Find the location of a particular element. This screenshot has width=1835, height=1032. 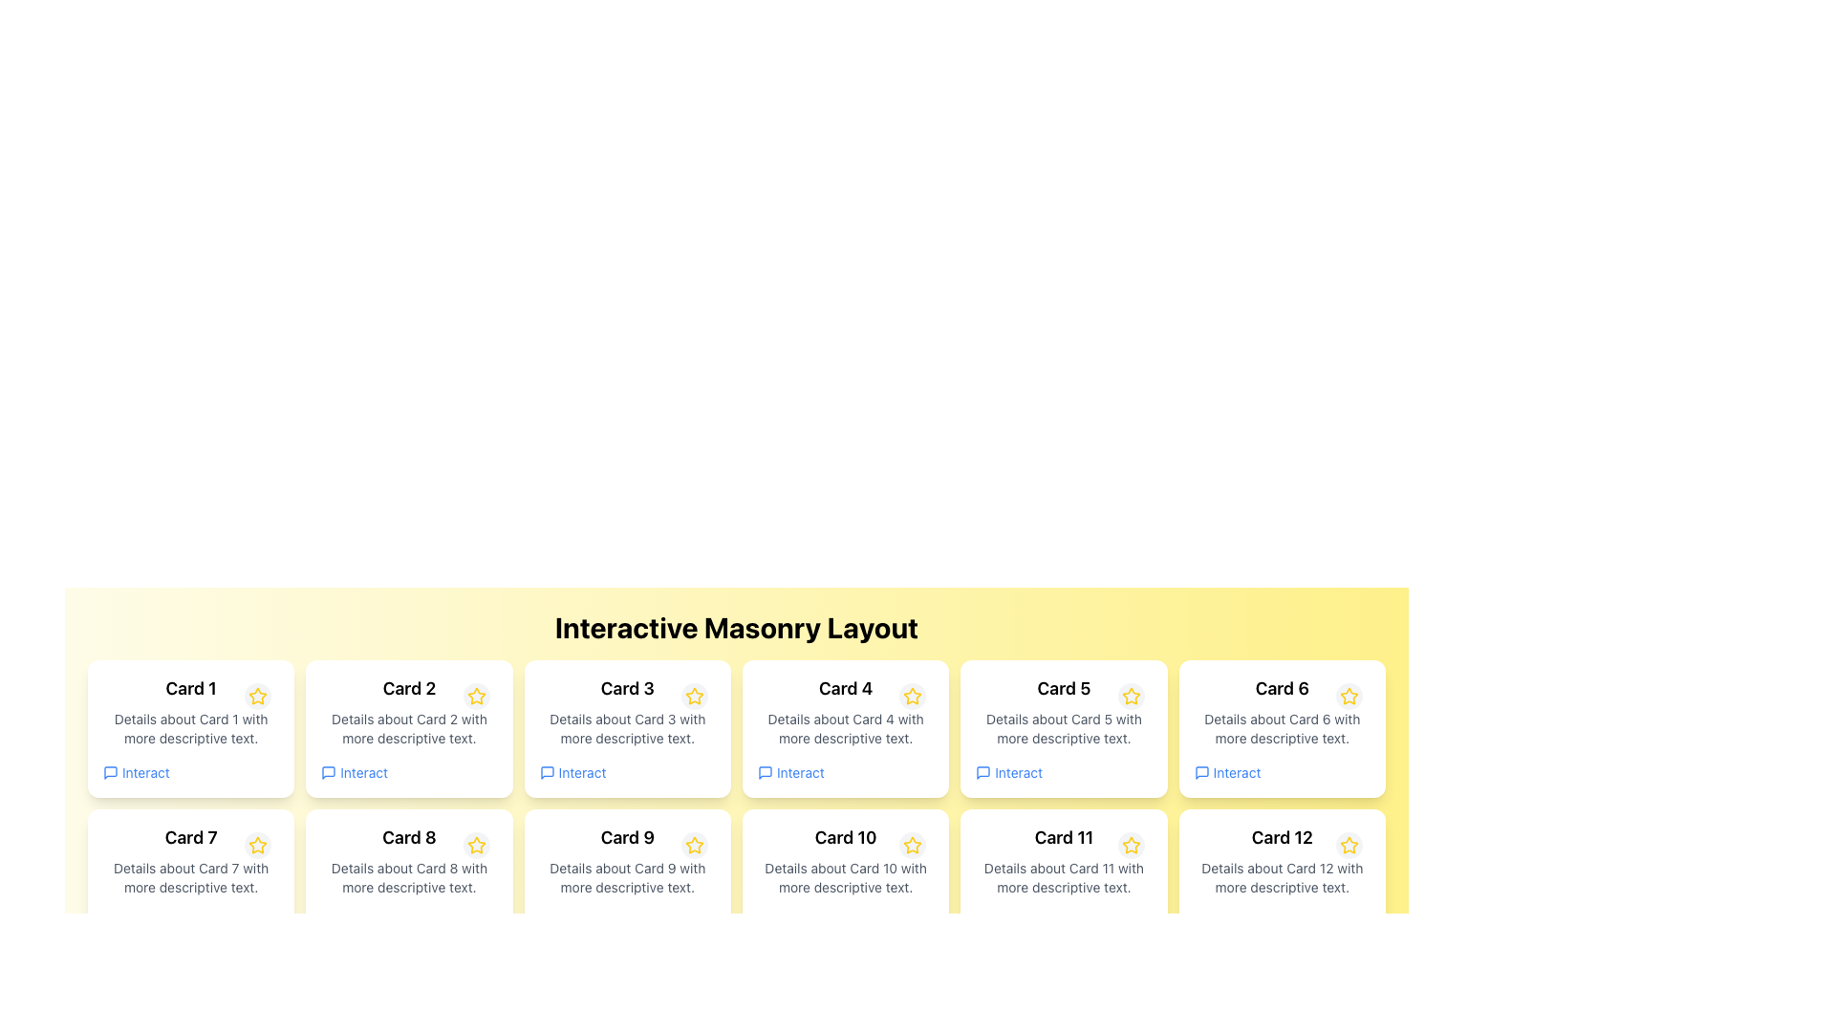

the card labeled 'Card 10' which features a white background, rounded rectangular design, bold text at the top, descriptive text below, and an interactive link labeled 'Interact' at the bottom is located at coordinates (845, 877).